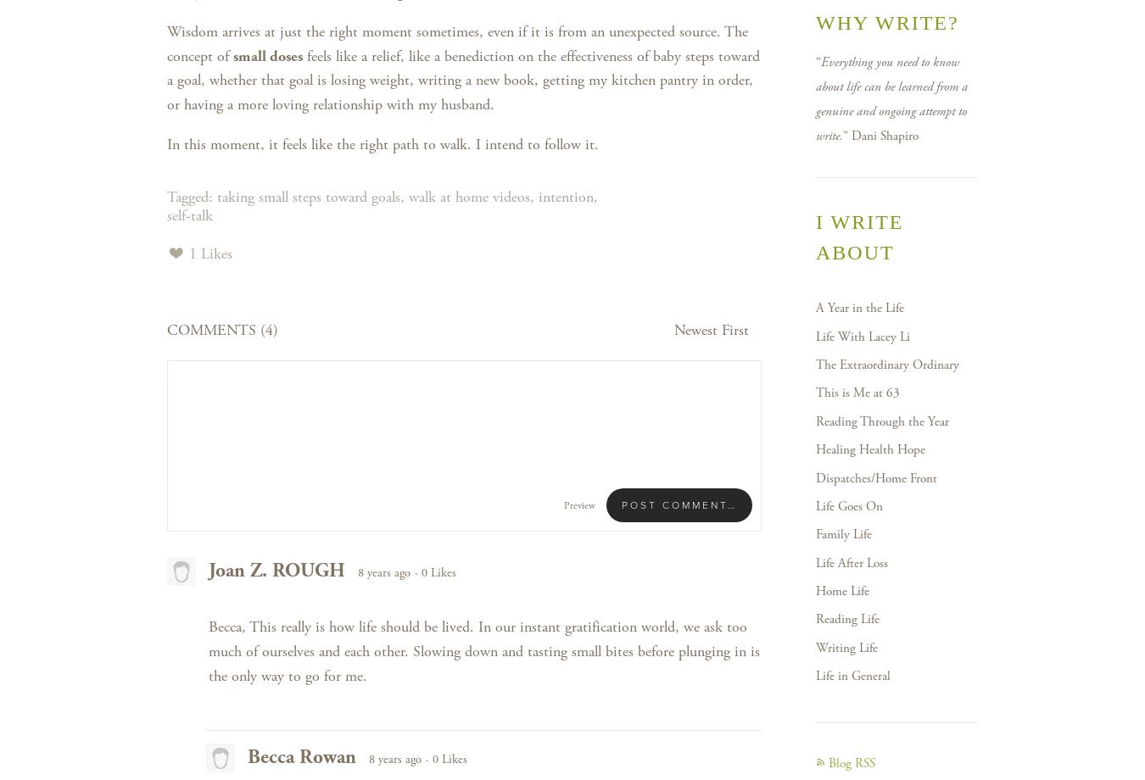 The height and width of the screenshot is (780, 1145). I want to click on 'Reading Through the Year', so click(882, 421).